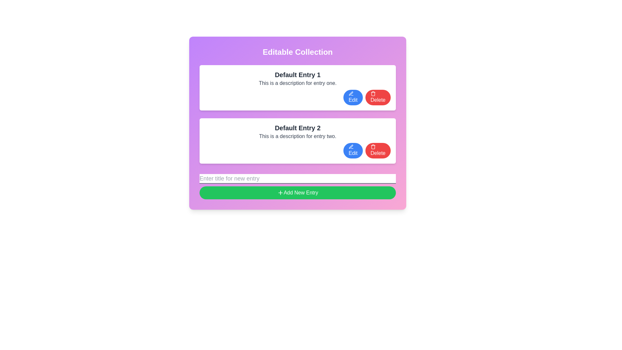 This screenshot has height=350, width=622. I want to click on the small pen icon, so click(351, 146).